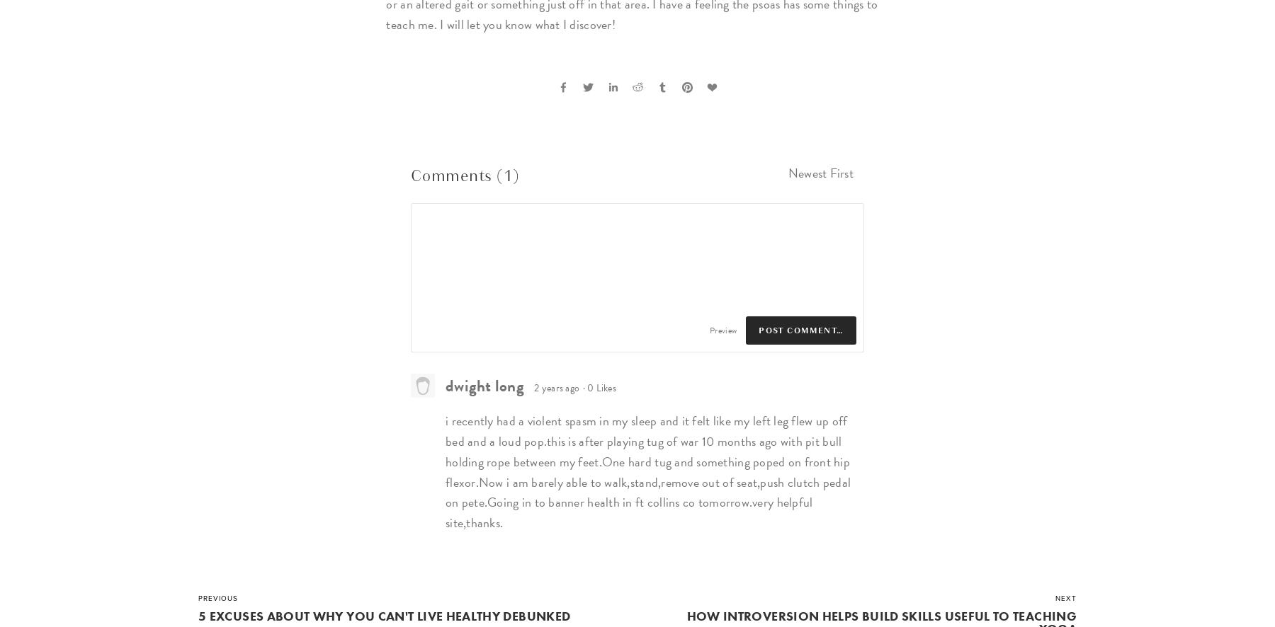 The image size is (1275, 627). I want to click on 'i recently had a violent spasm in my sleep and it felt like my left leg flew up off bed and a loud pop.this is after playing tug of war 10 months ago with pit bull holding rope between my feet.One hard tug and something poped on front hip flexor.Now i am barely able to walk,stand,remove out of seat,push clutch pedal on pete.Going in to banner health in ft collins co tomorrow.very helpful site,thanks.', so click(647, 471).